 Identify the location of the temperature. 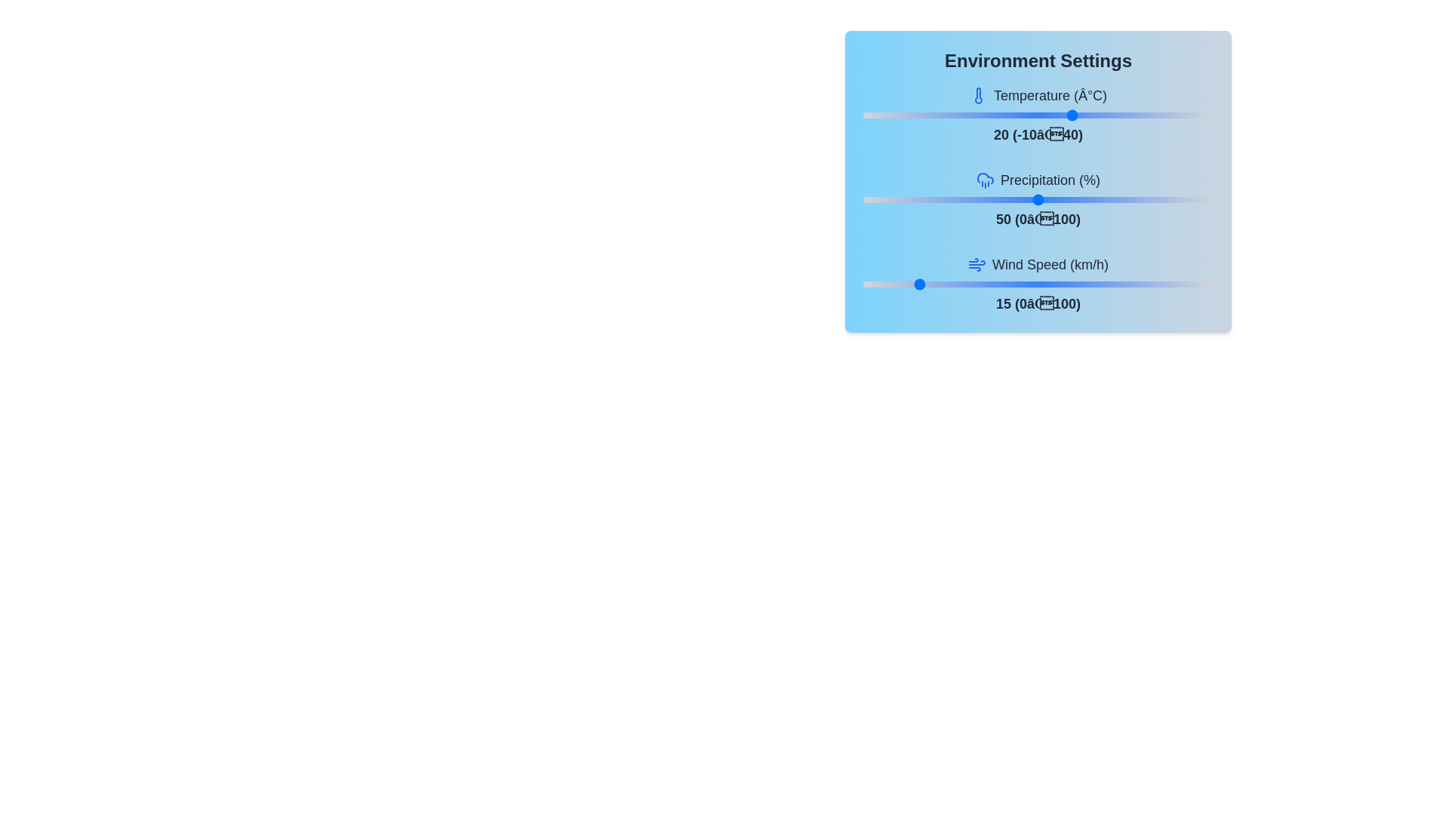
(1205, 115).